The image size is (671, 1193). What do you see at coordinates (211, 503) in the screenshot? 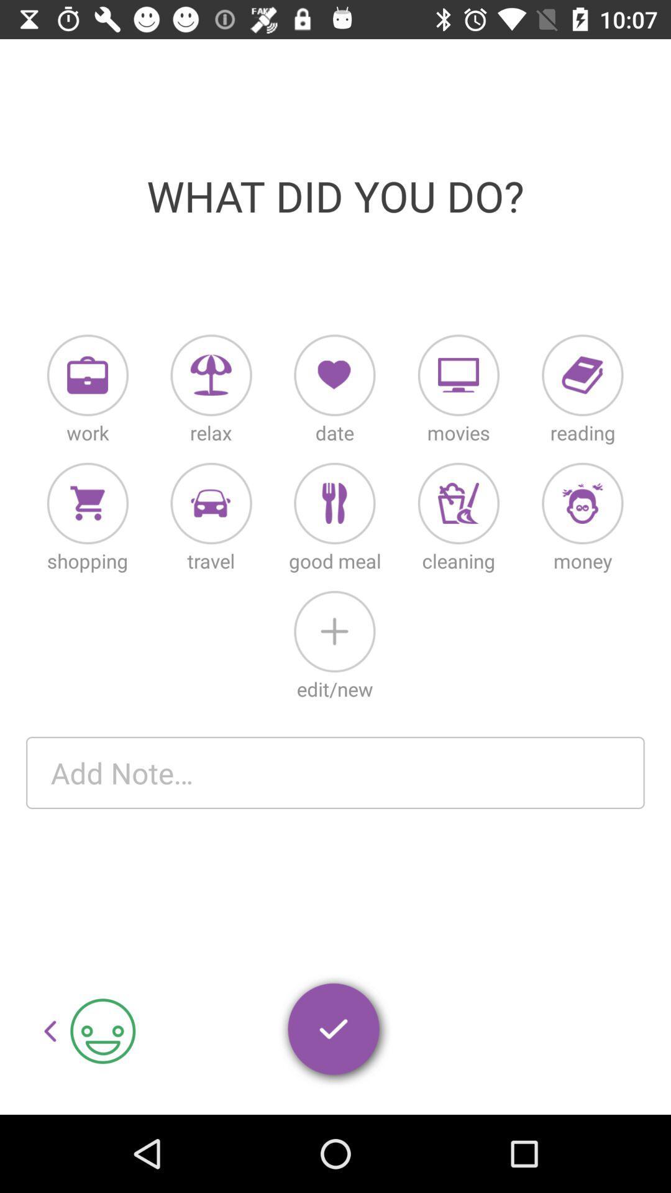
I see `get driving directions to the place` at bounding box center [211, 503].